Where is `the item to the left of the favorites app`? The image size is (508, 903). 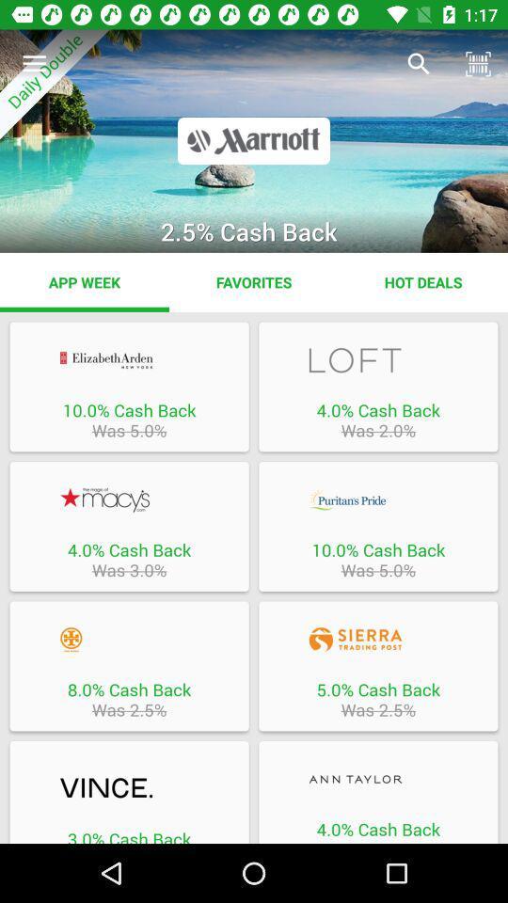
the item to the left of the favorites app is located at coordinates (84, 281).